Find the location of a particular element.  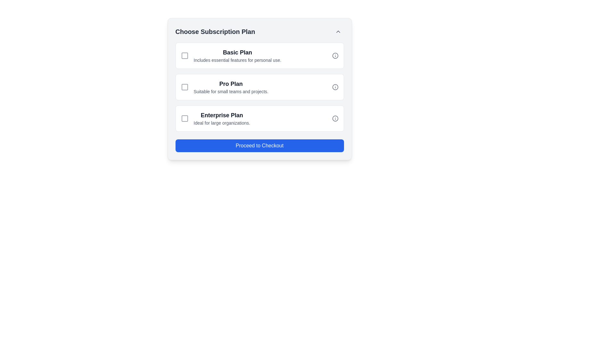

the circular Information Icon with a gray outline and 'i' in the center, located at the far right of the 'Enterprise Plan' section under 'Choose Subscription Plan' is located at coordinates (335, 119).